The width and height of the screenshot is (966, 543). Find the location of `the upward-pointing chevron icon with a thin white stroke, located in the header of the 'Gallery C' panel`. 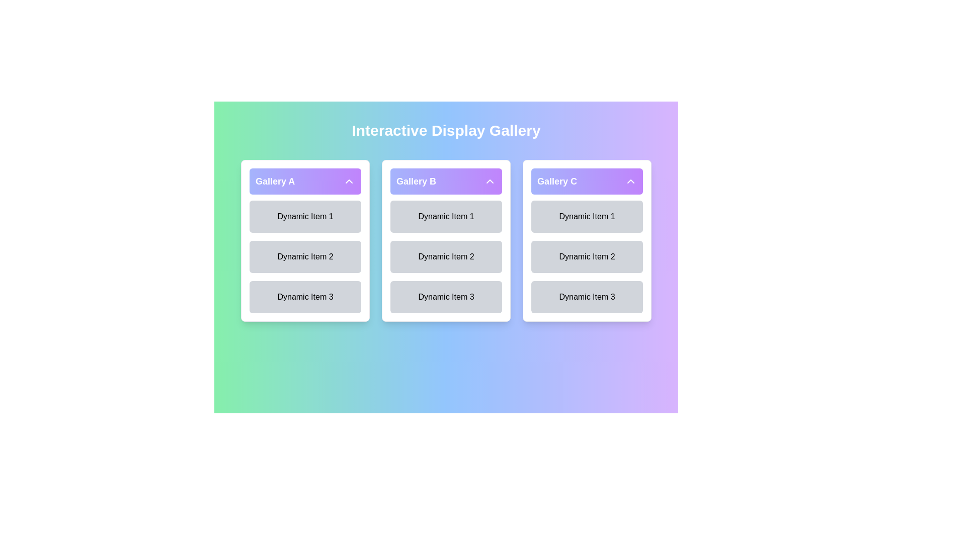

the upward-pointing chevron icon with a thin white stroke, located in the header of the 'Gallery C' panel is located at coordinates (630, 182).